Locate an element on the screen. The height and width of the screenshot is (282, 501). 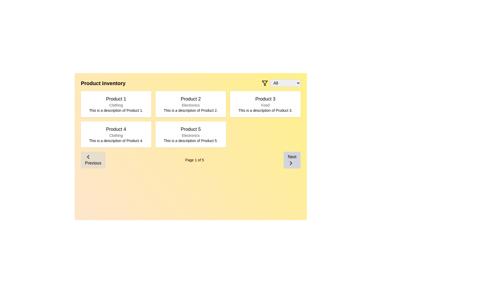
the title of 'Product 2' located at the top of its product card in the grid layout is located at coordinates (190, 99).